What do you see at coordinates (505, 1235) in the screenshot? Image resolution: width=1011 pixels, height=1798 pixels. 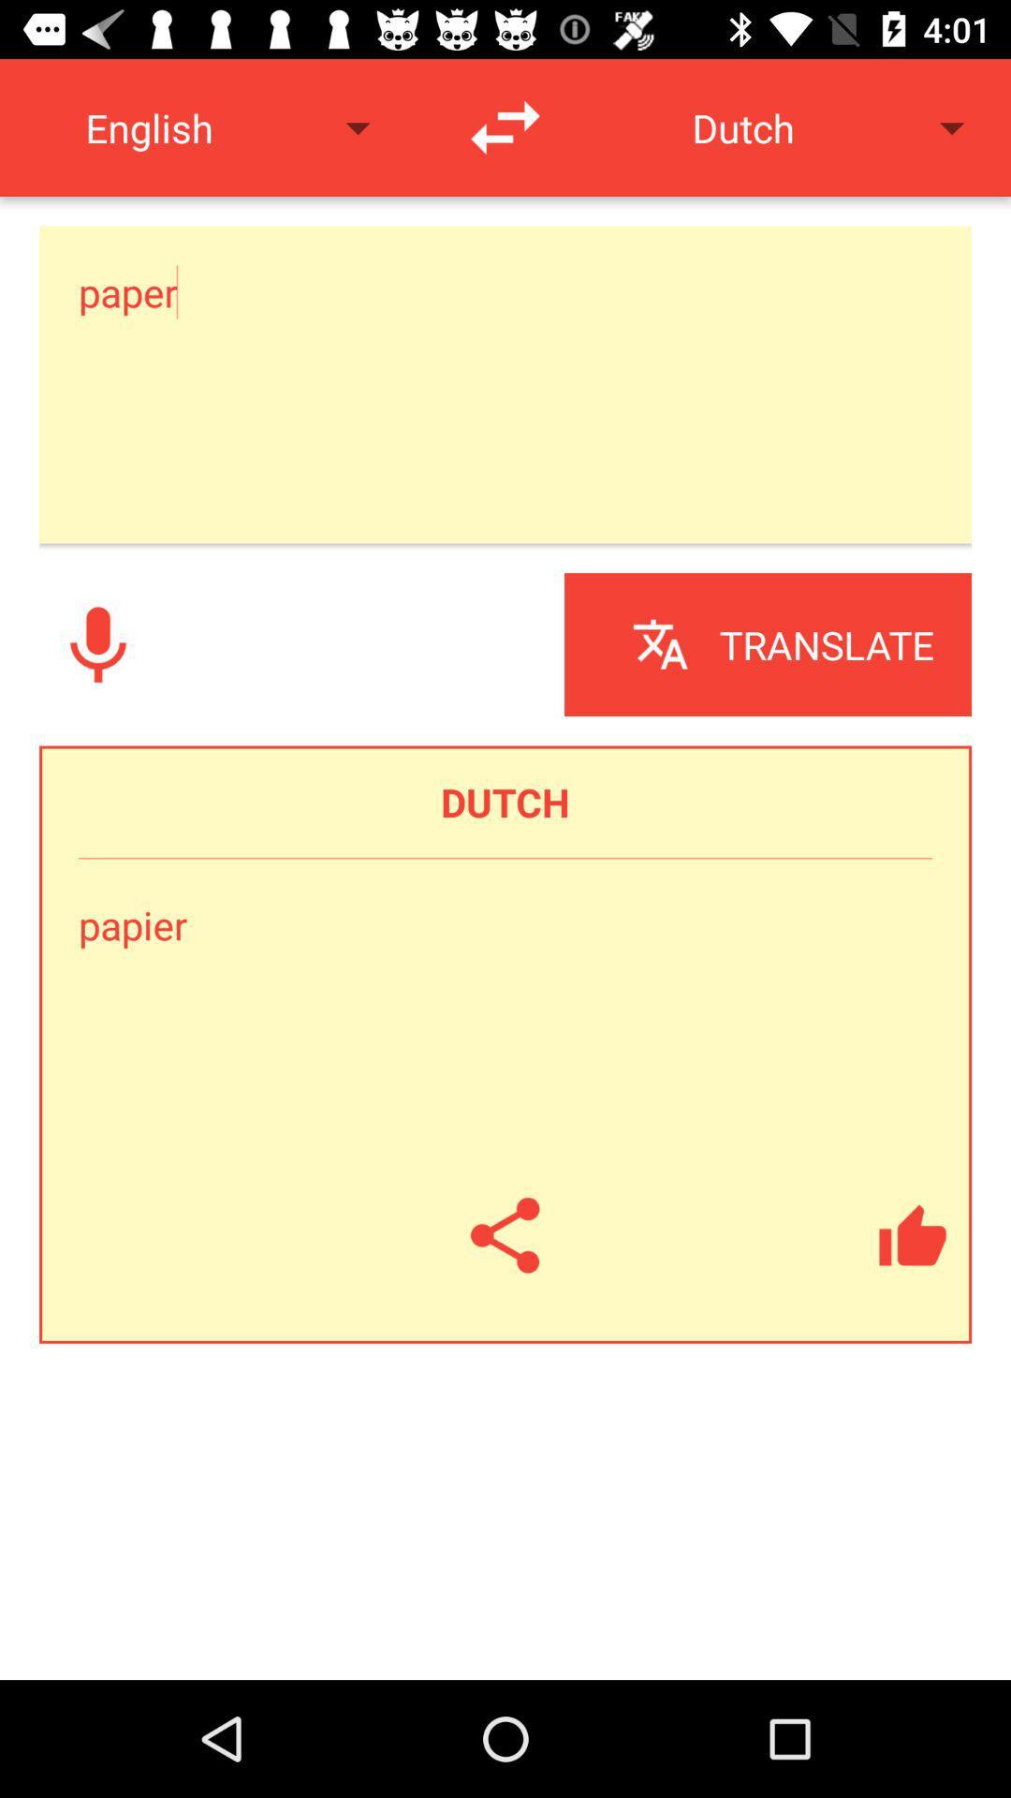 I see `share` at bounding box center [505, 1235].